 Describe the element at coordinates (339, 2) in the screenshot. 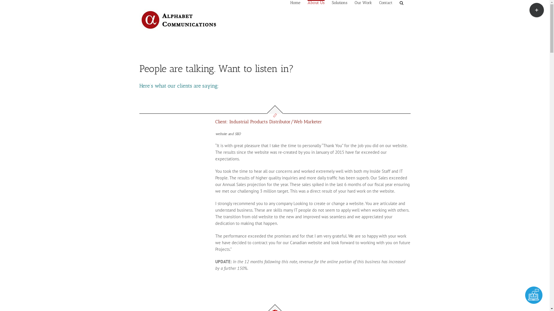

I see `'Solutions'` at that location.